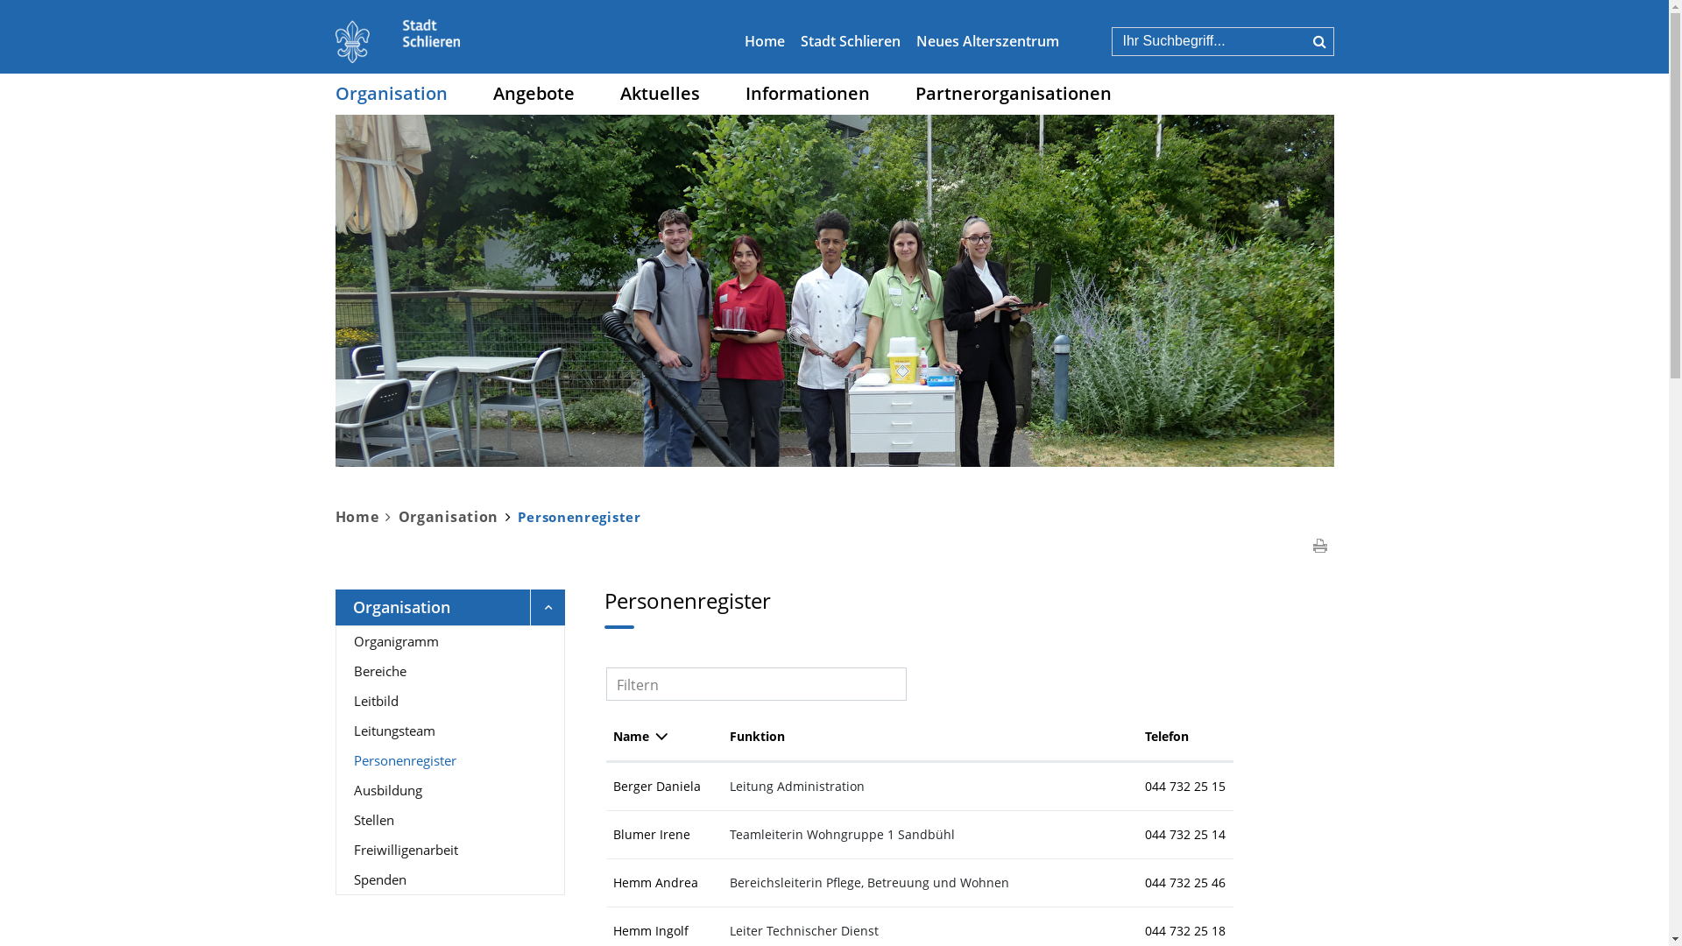 This screenshot has width=1682, height=946. I want to click on 'Stellen', so click(336, 820).